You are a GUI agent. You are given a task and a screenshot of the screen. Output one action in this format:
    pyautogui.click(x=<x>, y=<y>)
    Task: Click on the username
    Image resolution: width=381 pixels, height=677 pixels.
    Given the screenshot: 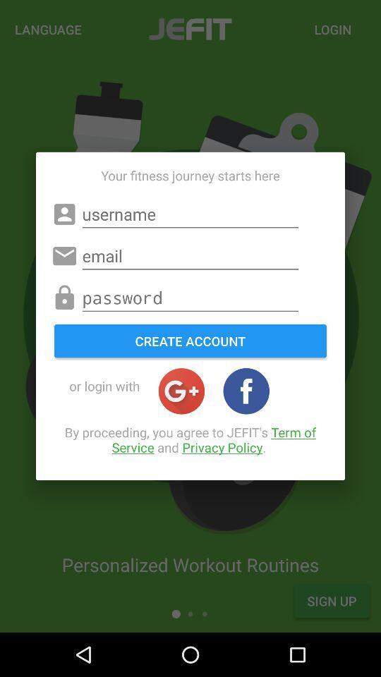 What is the action you would take?
    pyautogui.click(x=190, y=214)
    